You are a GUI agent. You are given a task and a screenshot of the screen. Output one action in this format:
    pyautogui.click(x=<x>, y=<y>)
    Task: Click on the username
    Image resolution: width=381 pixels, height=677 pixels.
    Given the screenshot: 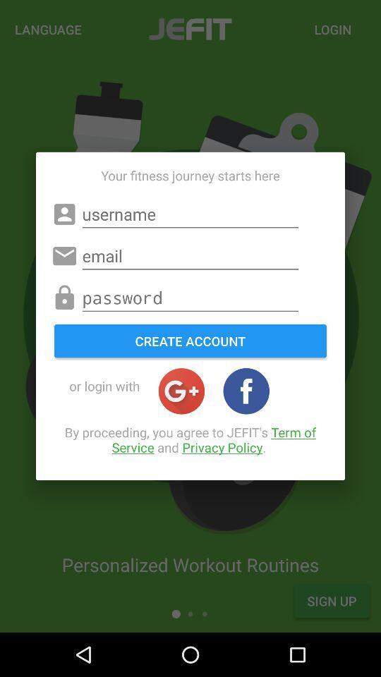 What is the action you would take?
    pyautogui.click(x=190, y=214)
    